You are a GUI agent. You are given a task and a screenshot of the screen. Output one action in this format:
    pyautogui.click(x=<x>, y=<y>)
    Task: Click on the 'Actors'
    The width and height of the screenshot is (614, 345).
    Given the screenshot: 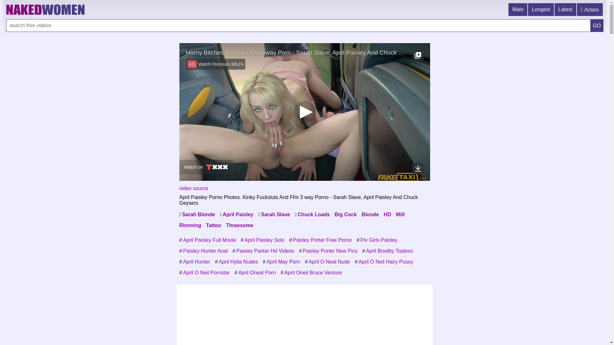 What is the action you would take?
    pyautogui.click(x=590, y=10)
    